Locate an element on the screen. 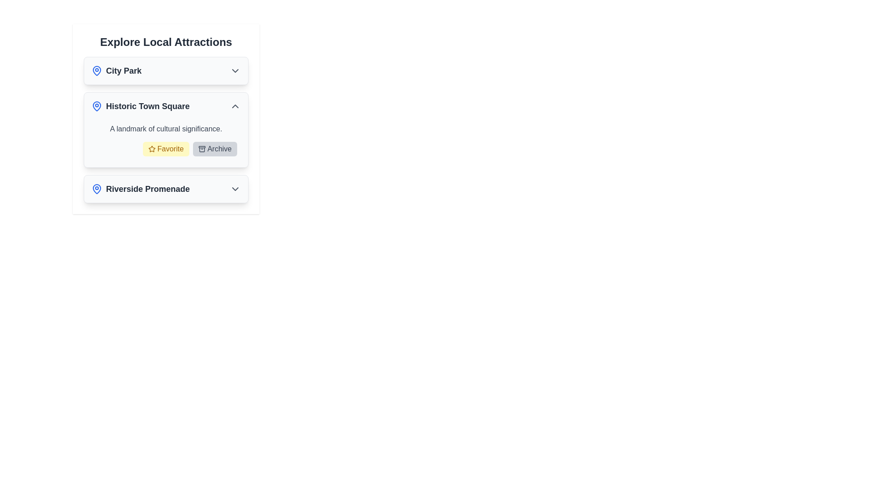 This screenshot has width=874, height=491. the blue map pin icon with a hollow center located in the 'Explore Local Attractions' section is located at coordinates (97, 189).